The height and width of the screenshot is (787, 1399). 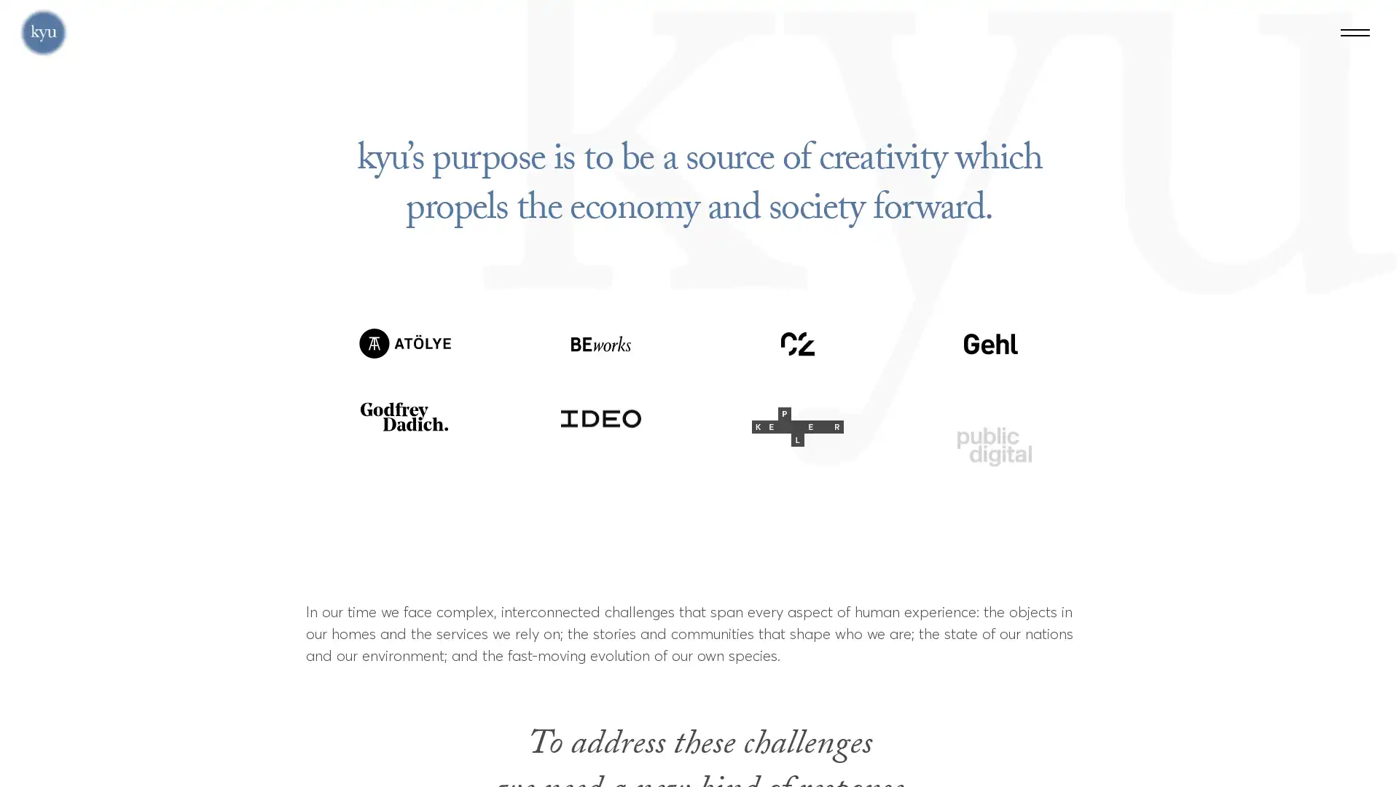 What do you see at coordinates (1355, 33) in the screenshot?
I see `Menu` at bounding box center [1355, 33].